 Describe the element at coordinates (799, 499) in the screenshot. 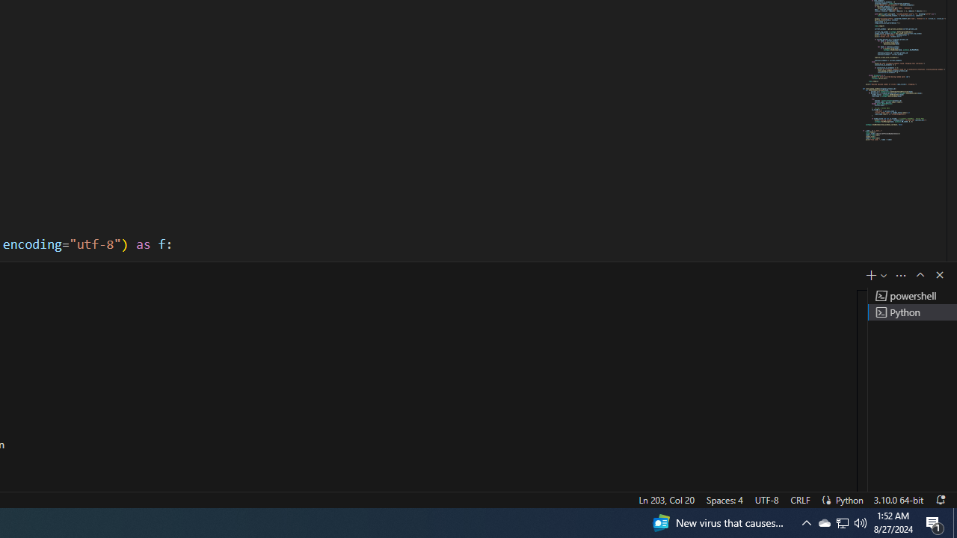

I see `'CRLF'` at that location.